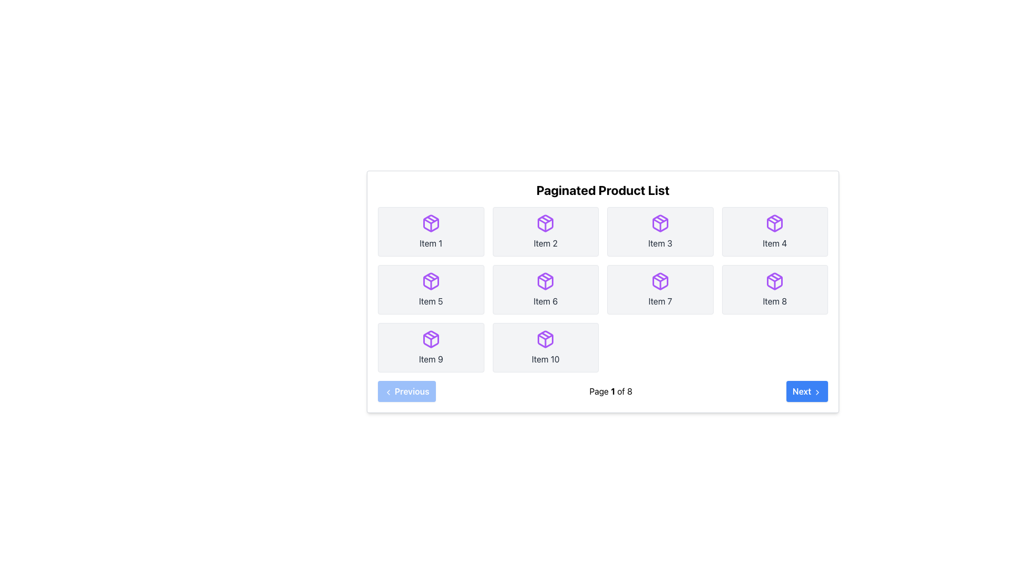 This screenshot has height=569, width=1012. I want to click on the stylized purple package-like icon located beneath 'Item 8' in the 'Paginated Product List', so click(775, 280).